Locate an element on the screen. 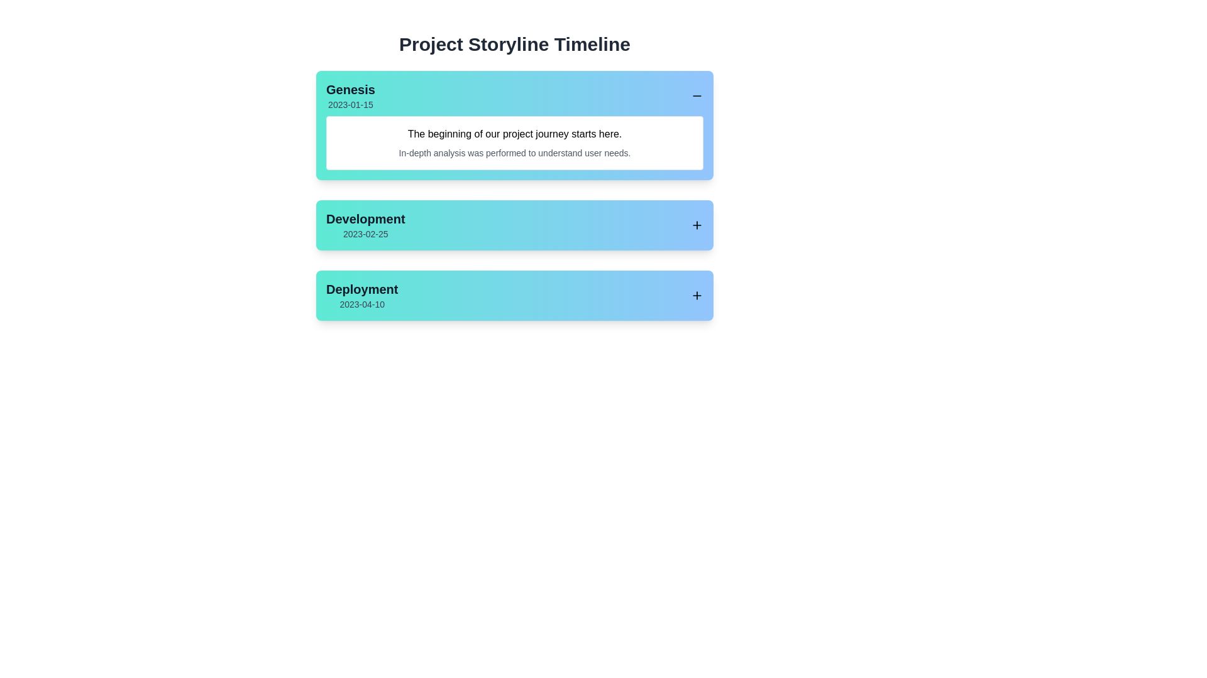 This screenshot has height=678, width=1207. text of the title or heading located at the center-top area of the first card in a vertically aligned list, positioned above the date text '2023-01-15' is located at coordinates (350, 89).